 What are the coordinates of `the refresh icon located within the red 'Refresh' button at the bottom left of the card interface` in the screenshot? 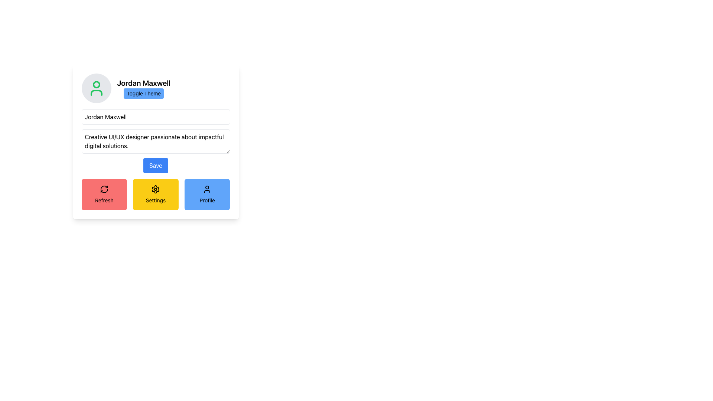 It's located at (104, 190).